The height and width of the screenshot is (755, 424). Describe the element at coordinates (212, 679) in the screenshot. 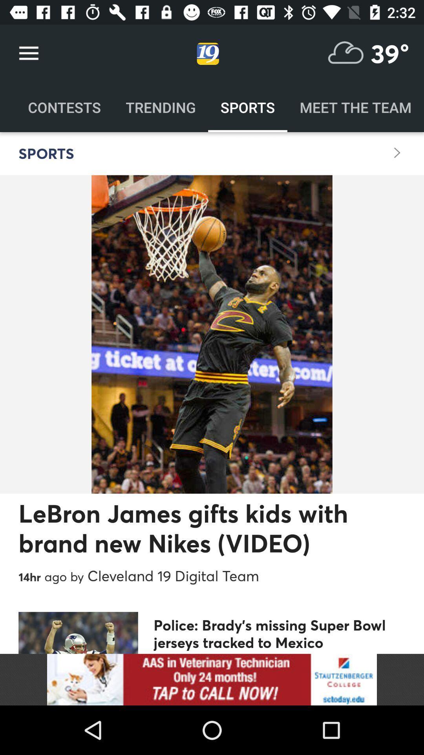

I see `open advertisement` at that location.